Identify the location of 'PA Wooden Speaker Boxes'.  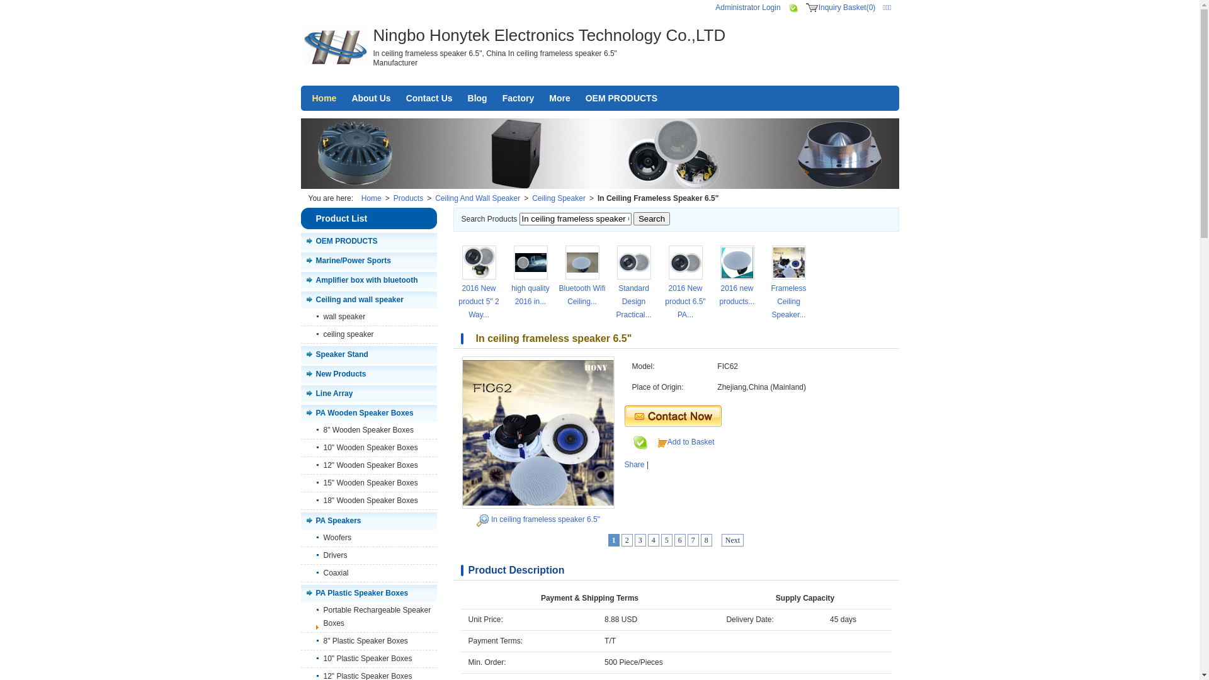
(368, 413).